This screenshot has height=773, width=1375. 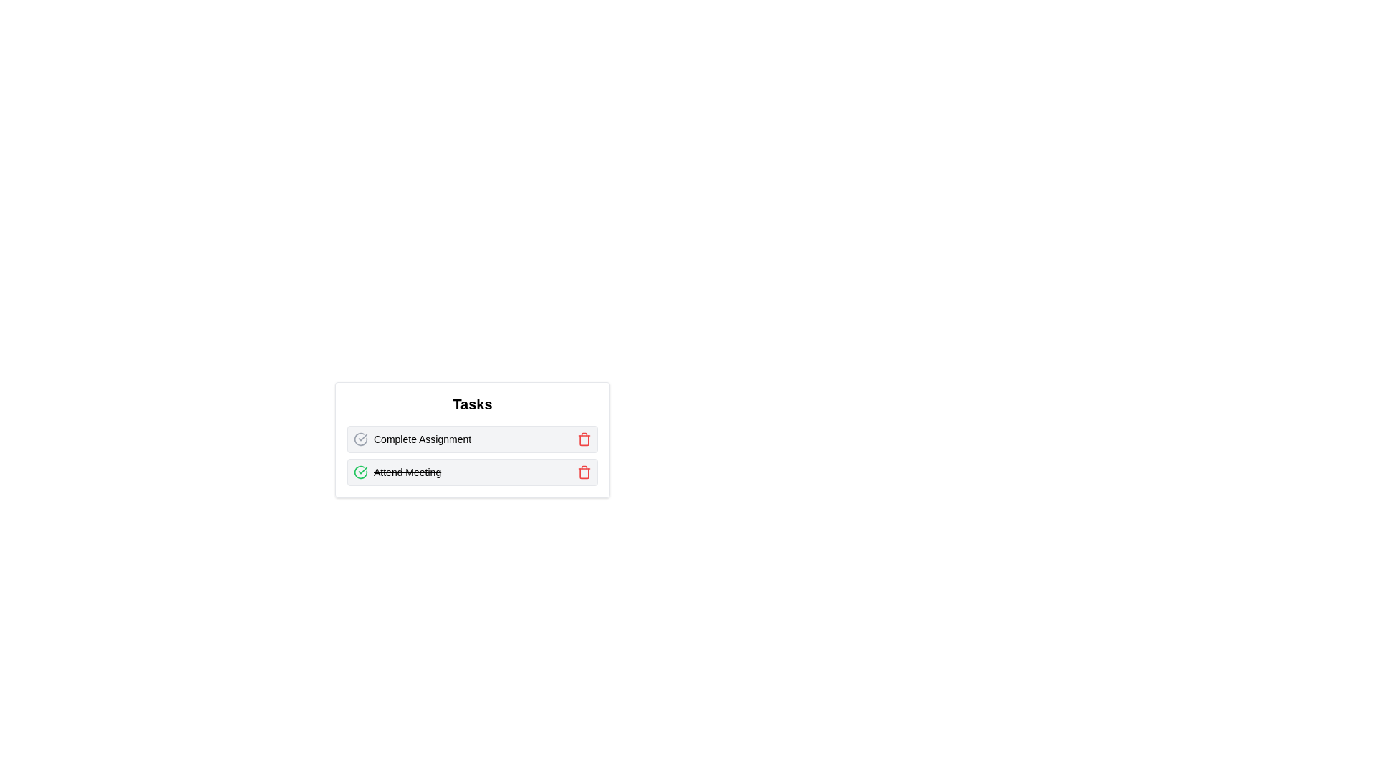 What do you see at coordinates (412, 438) in the screenshot?
I see `text of the completed task label, which is the first item in the vertically stacked list under the 'Tasks' heading` at bounding box center [412, 438].